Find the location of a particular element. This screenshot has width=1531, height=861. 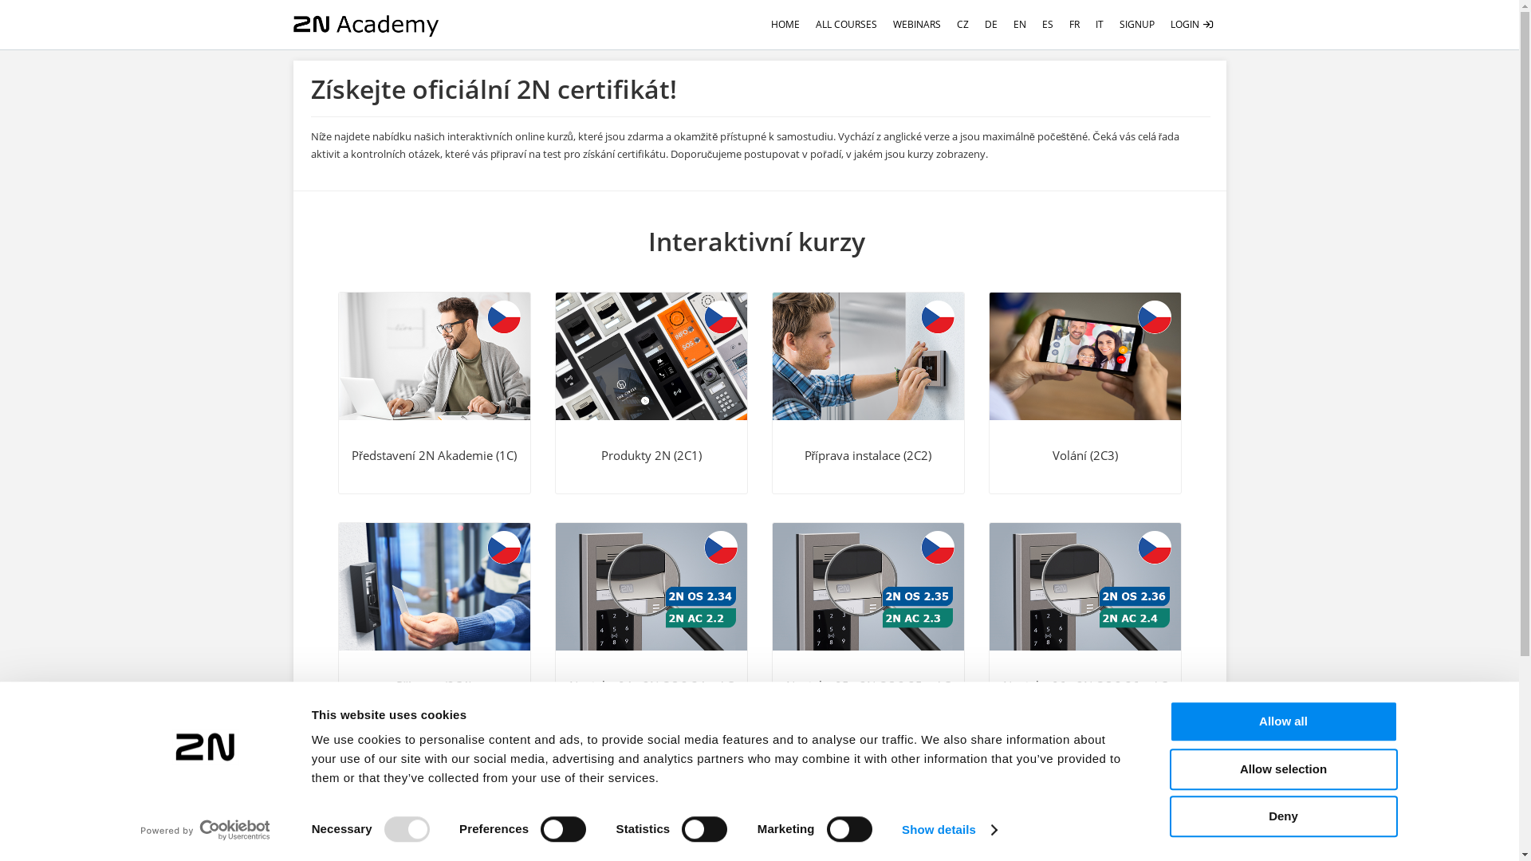

'SIGNUP' is located at coordinates (1135, 24).